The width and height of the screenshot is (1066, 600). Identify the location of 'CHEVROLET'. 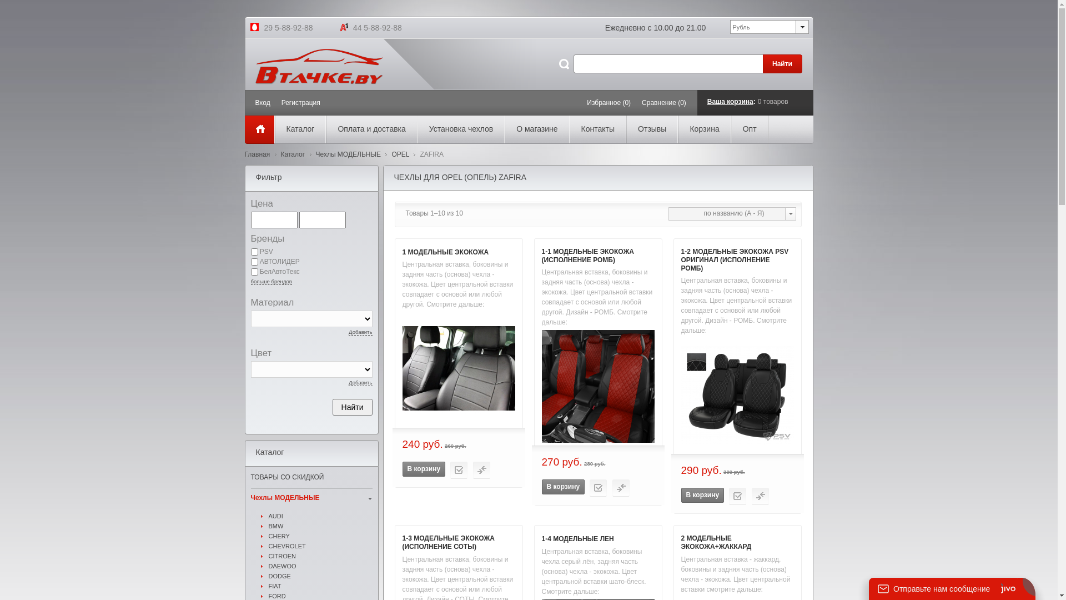
(320, 546).